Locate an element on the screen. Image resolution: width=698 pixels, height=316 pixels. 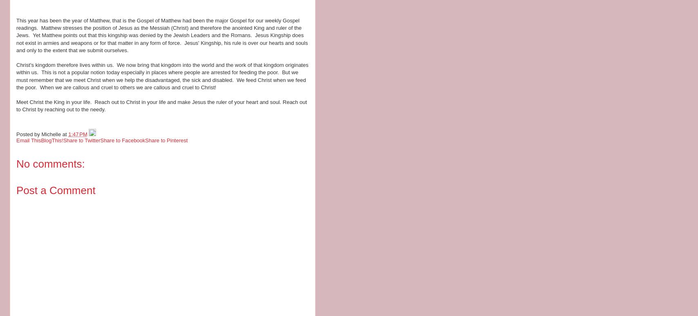
'Meet Christ the King in your life.  Reach out to Christ in your life and make Jesus the ruler of your heart and soul. Reach out to Christ by reaching out to the needy.' is located at coordinates (161, 106).